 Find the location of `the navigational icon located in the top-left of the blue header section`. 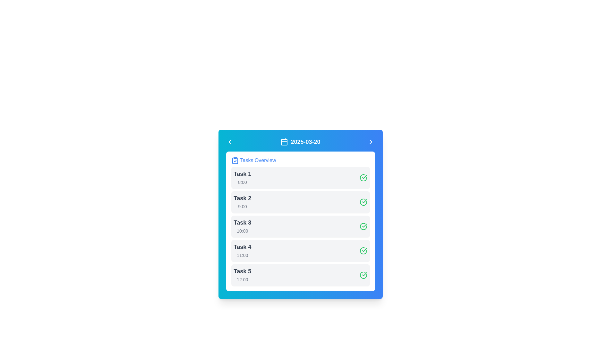

the navigational icon located in the top-left of the blue header section is located at coordinates (230, 142).